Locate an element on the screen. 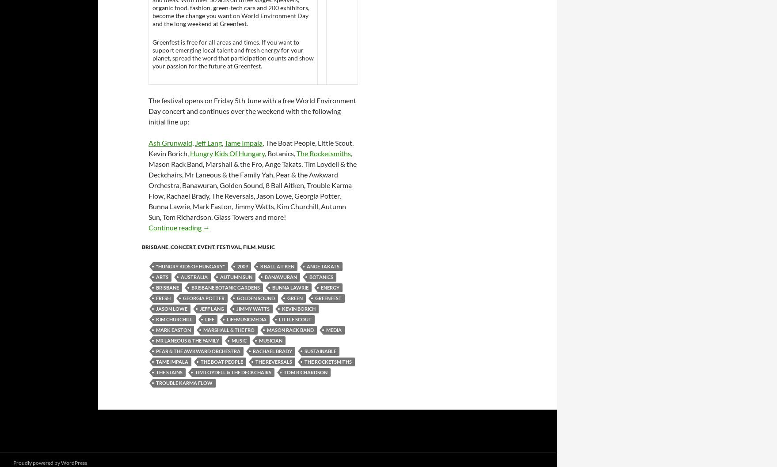 The image size is (777, 467). 'Jason Lowe' is located at coordinates (156, 308).